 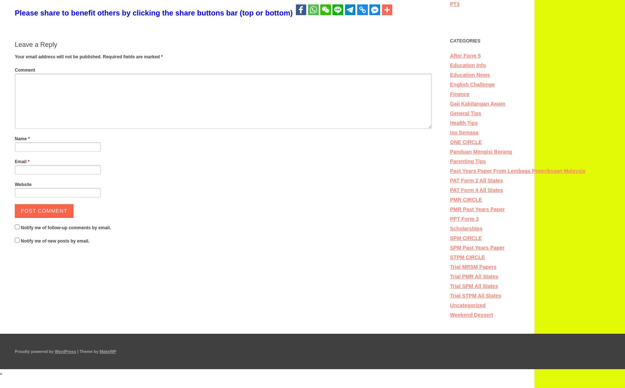 I want to click on 'SPM CIRCLE', so click(x=450, y=237).